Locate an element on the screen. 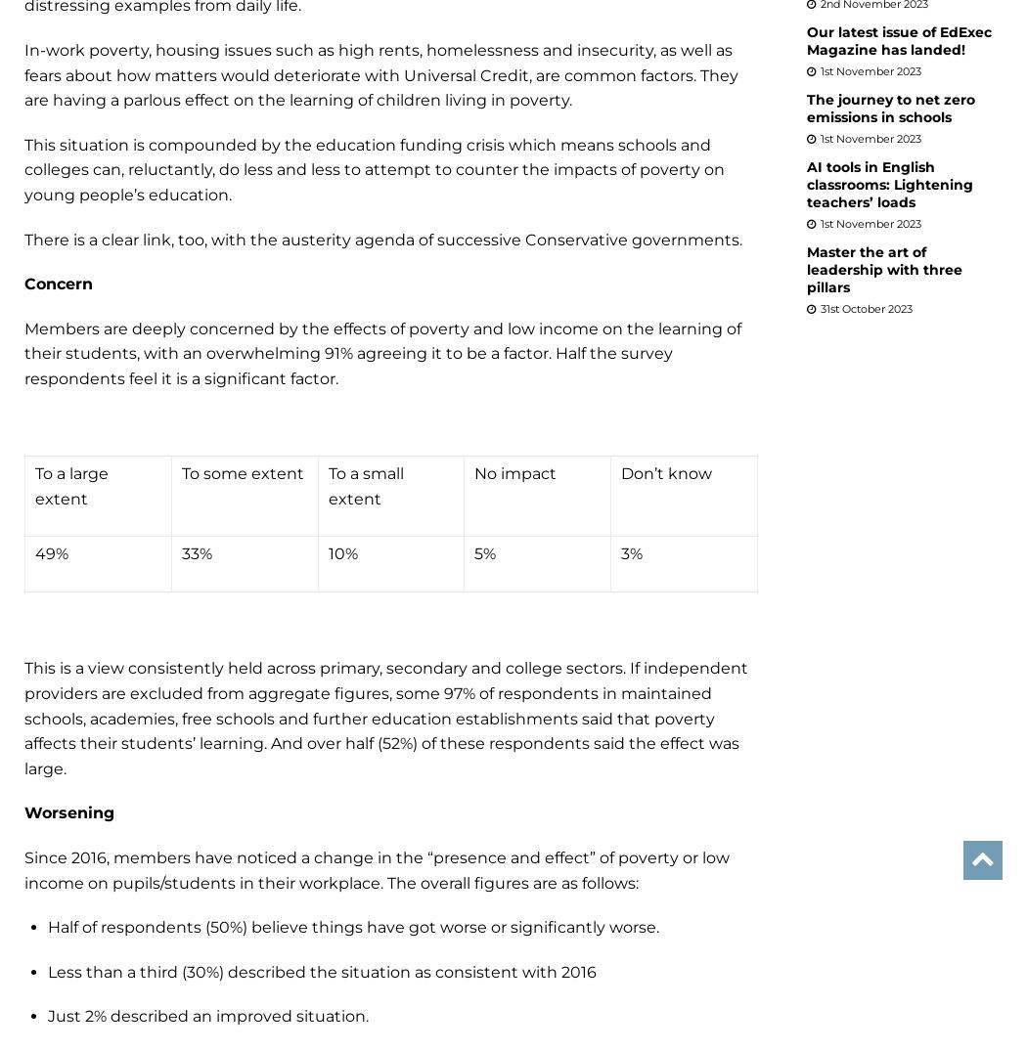  'The journey to net zero emissions in schools' is located at coordinates (890, 106).